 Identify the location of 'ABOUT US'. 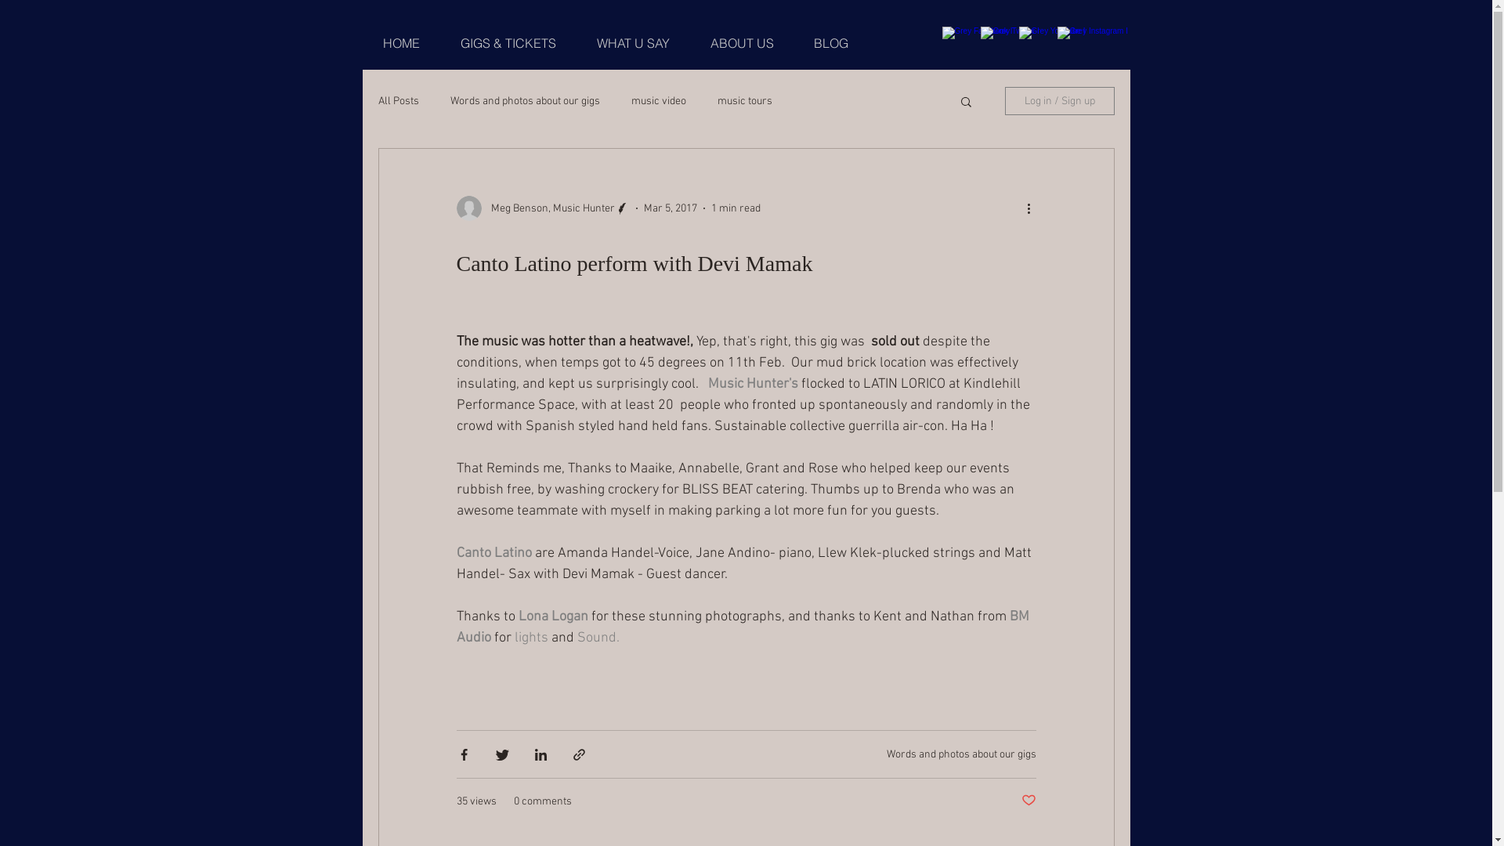
(740, 42).